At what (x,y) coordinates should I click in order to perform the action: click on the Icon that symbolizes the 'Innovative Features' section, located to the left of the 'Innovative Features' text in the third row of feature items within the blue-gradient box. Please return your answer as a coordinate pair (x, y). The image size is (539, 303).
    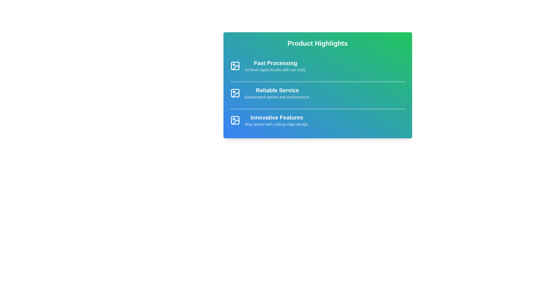
    Looking at the image, I should click on (235, 120).